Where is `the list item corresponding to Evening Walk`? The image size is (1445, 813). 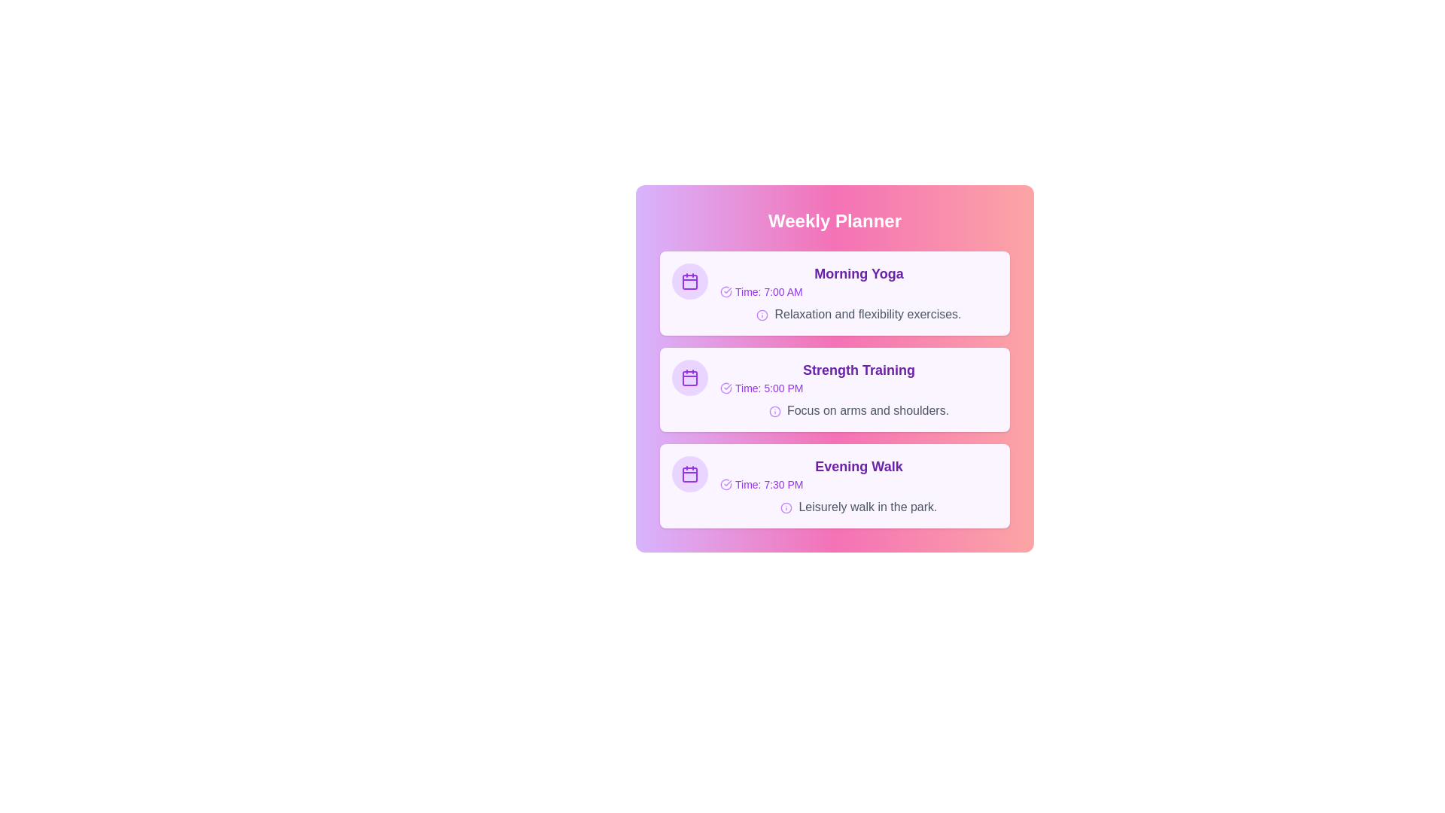
the list item corresponding to Evening Walk is located at coordinates (834, 486).